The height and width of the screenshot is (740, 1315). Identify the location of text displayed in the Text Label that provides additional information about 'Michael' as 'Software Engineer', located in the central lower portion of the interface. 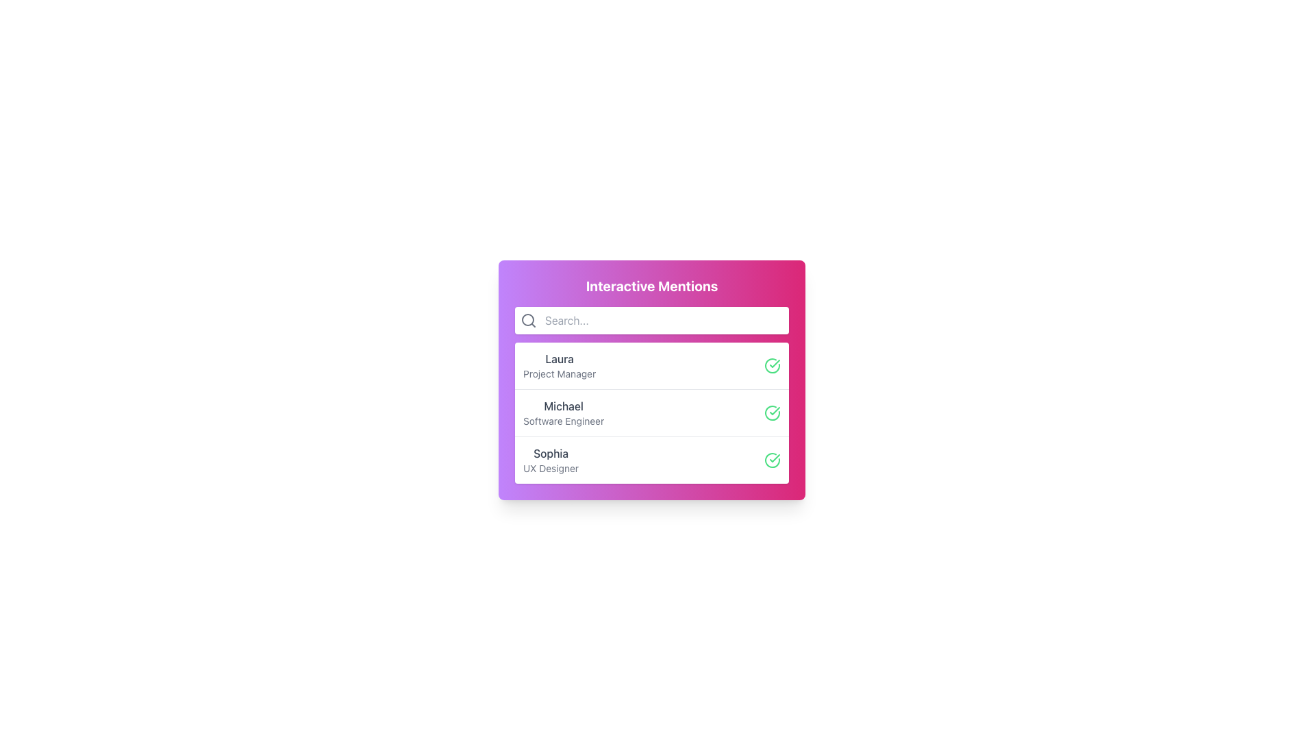
(564, 420).